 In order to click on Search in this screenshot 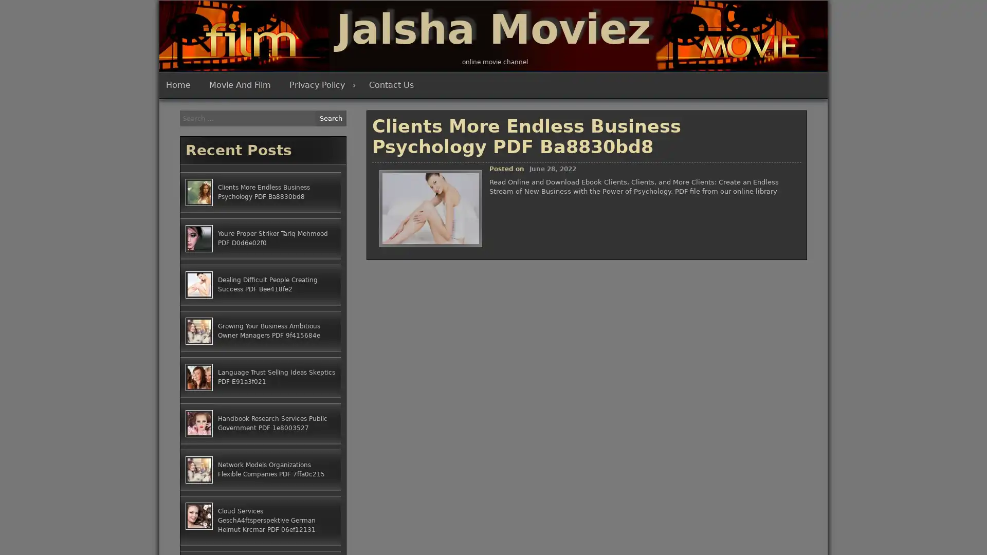, I will do `click(331, 118)`.